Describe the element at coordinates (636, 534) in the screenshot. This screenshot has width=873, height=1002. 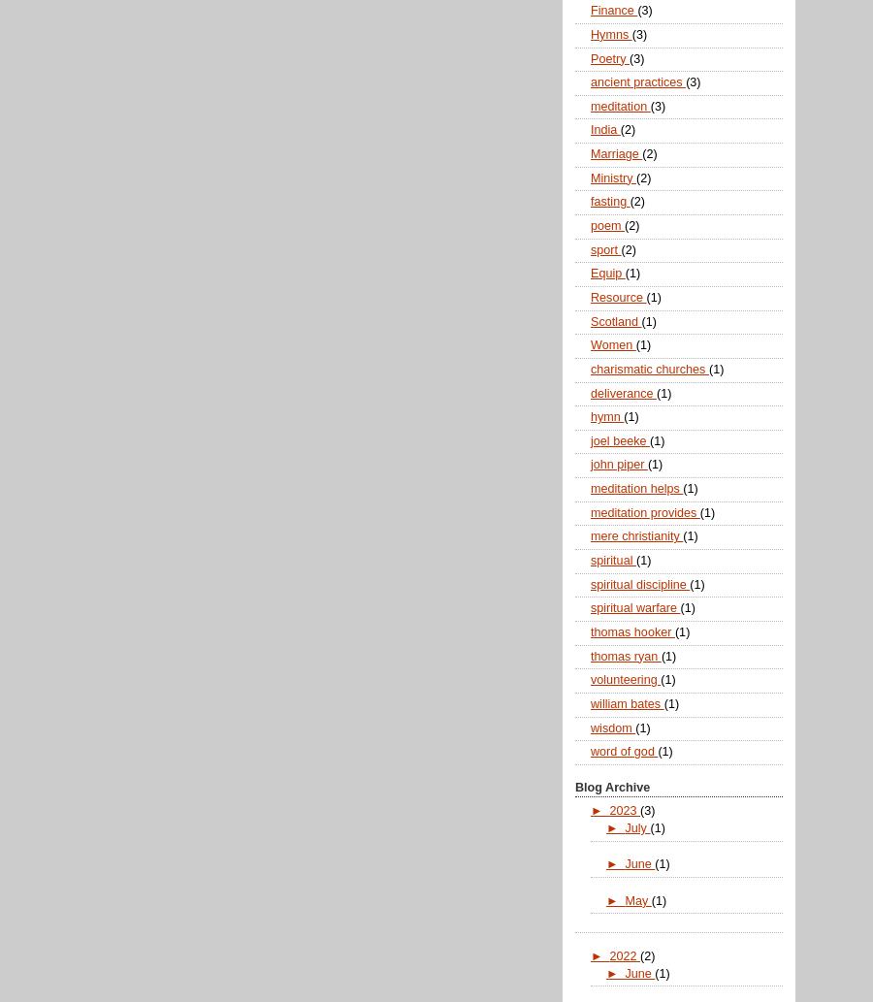
I see `'mere christianity'` at that location.